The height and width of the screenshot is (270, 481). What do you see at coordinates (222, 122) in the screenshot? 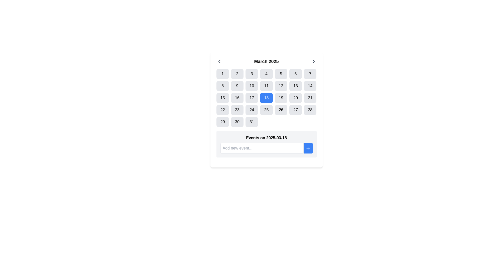
I see `the button representing the 29th day in the calendar view located in the bottom-left corner of the calendar grid` at bounding box center [222, 122].